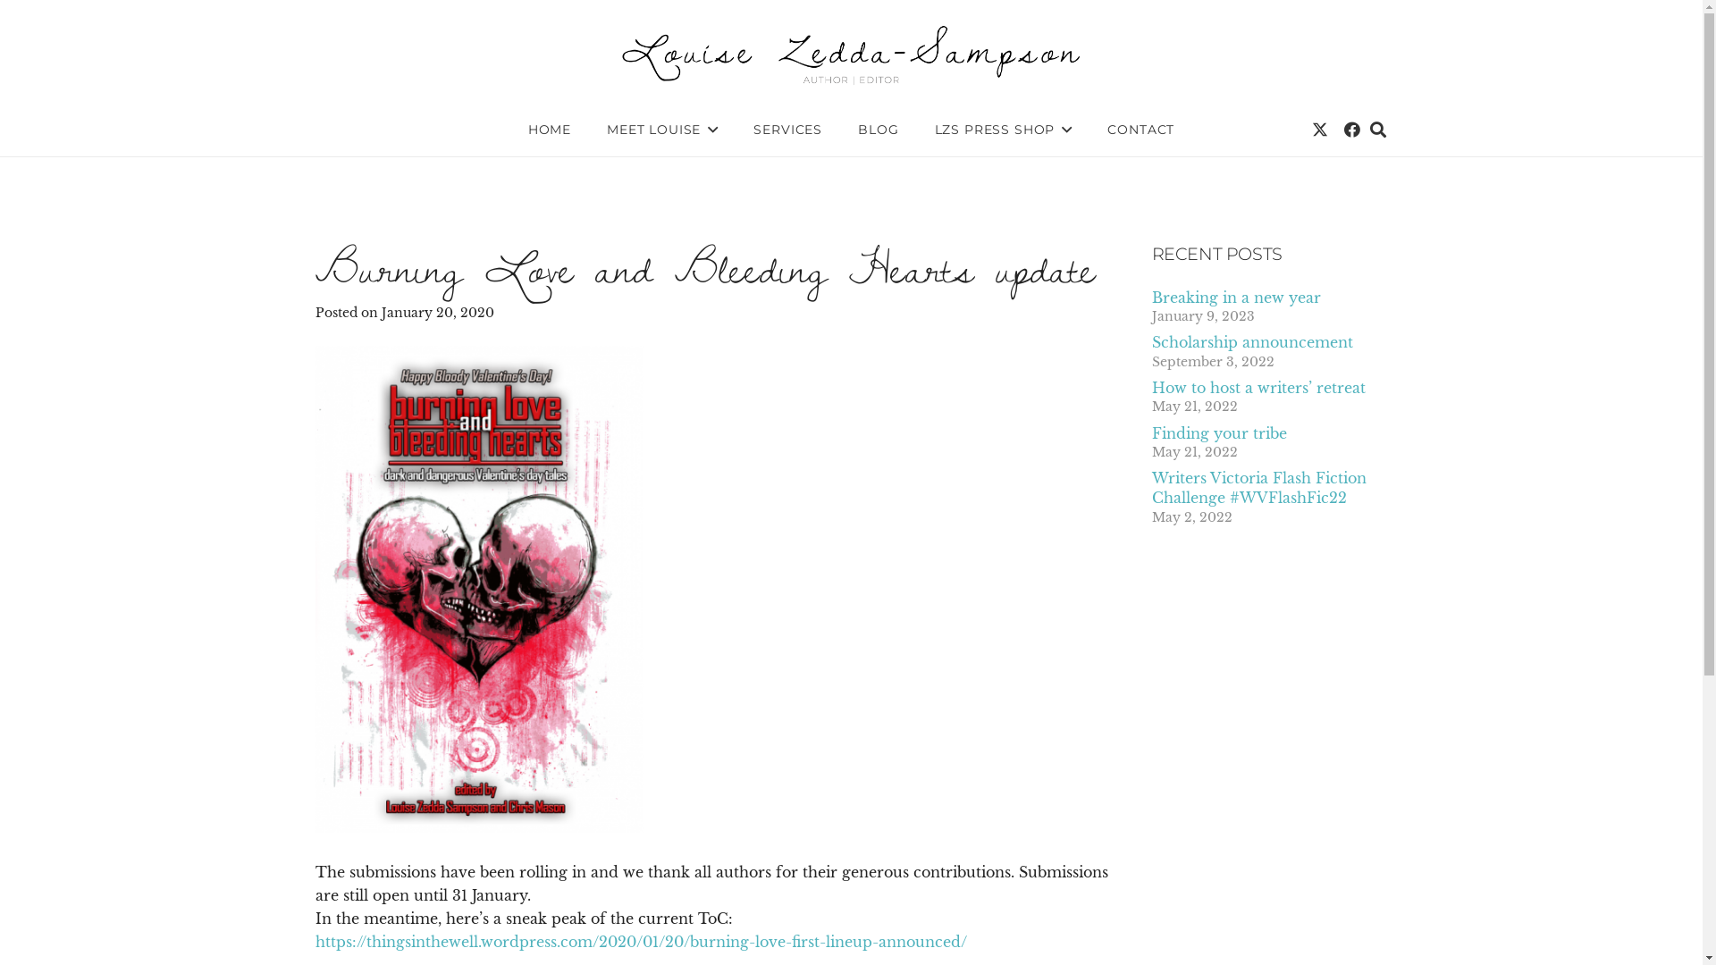 The image size is (1716, 965). Describe the element at coordinates (1140, 129) in the screenshot. I see `'CONTACT'` at that location.